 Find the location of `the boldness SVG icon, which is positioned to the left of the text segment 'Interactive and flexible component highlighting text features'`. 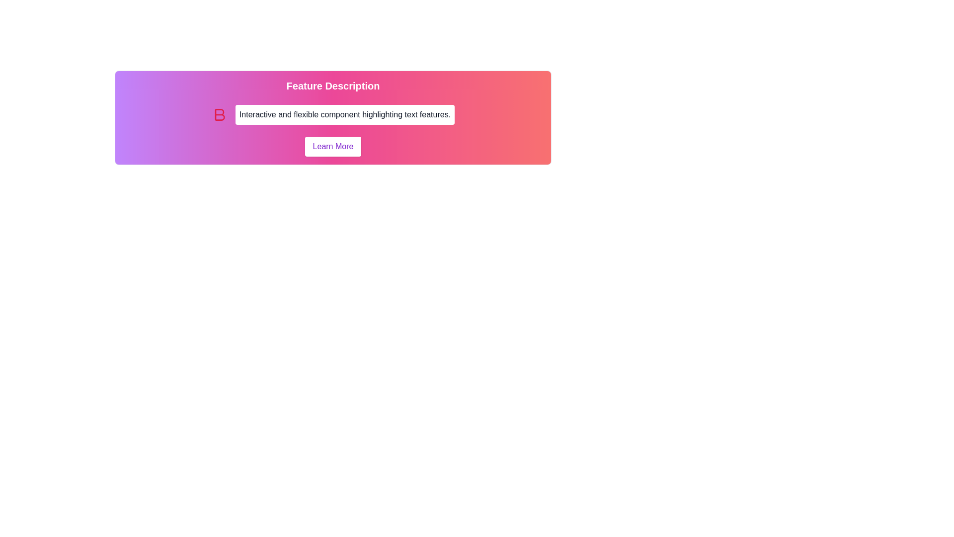

the boldness SVG icon, which is positioned to the left of the text segment 'Interactive and flexible component highlighting text features' is located at coordinates (219, 114).